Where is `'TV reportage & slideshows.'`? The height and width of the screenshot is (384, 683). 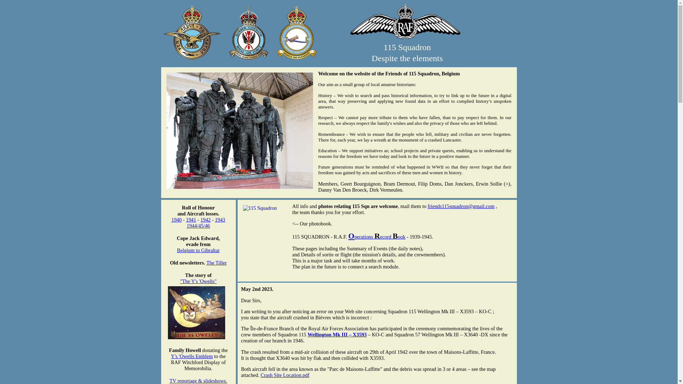
'TV reportage & slideshows.' is located at coordinates (198, 380).